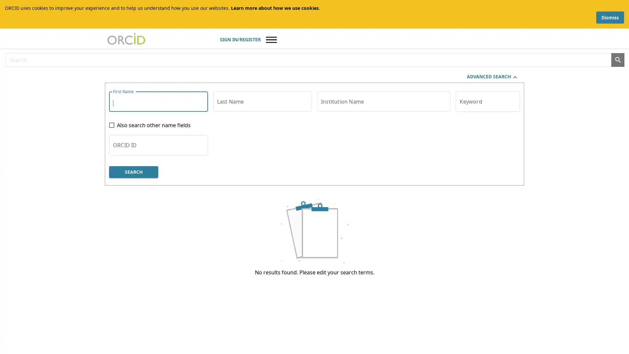 Image resolution: width=629 pixels, height=354 pixels. Describe the element at coordinates (173, 74) in the screenshot. I see `FOR RESEARCHERS` at that location.